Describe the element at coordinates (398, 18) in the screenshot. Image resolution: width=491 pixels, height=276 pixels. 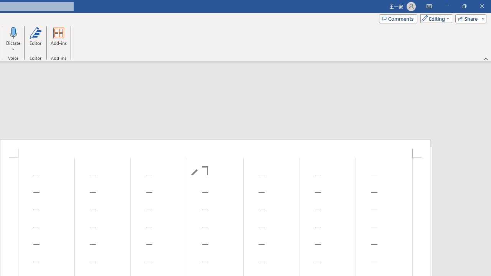
I see `'Comments'` at that location.